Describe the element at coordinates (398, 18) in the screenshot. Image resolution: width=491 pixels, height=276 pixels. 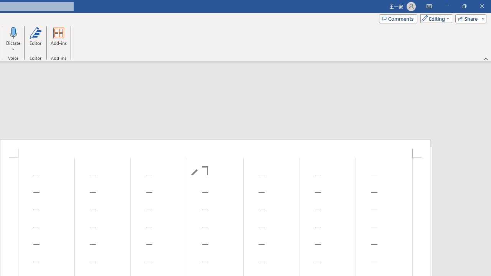
I see `'Comments'` at that location.